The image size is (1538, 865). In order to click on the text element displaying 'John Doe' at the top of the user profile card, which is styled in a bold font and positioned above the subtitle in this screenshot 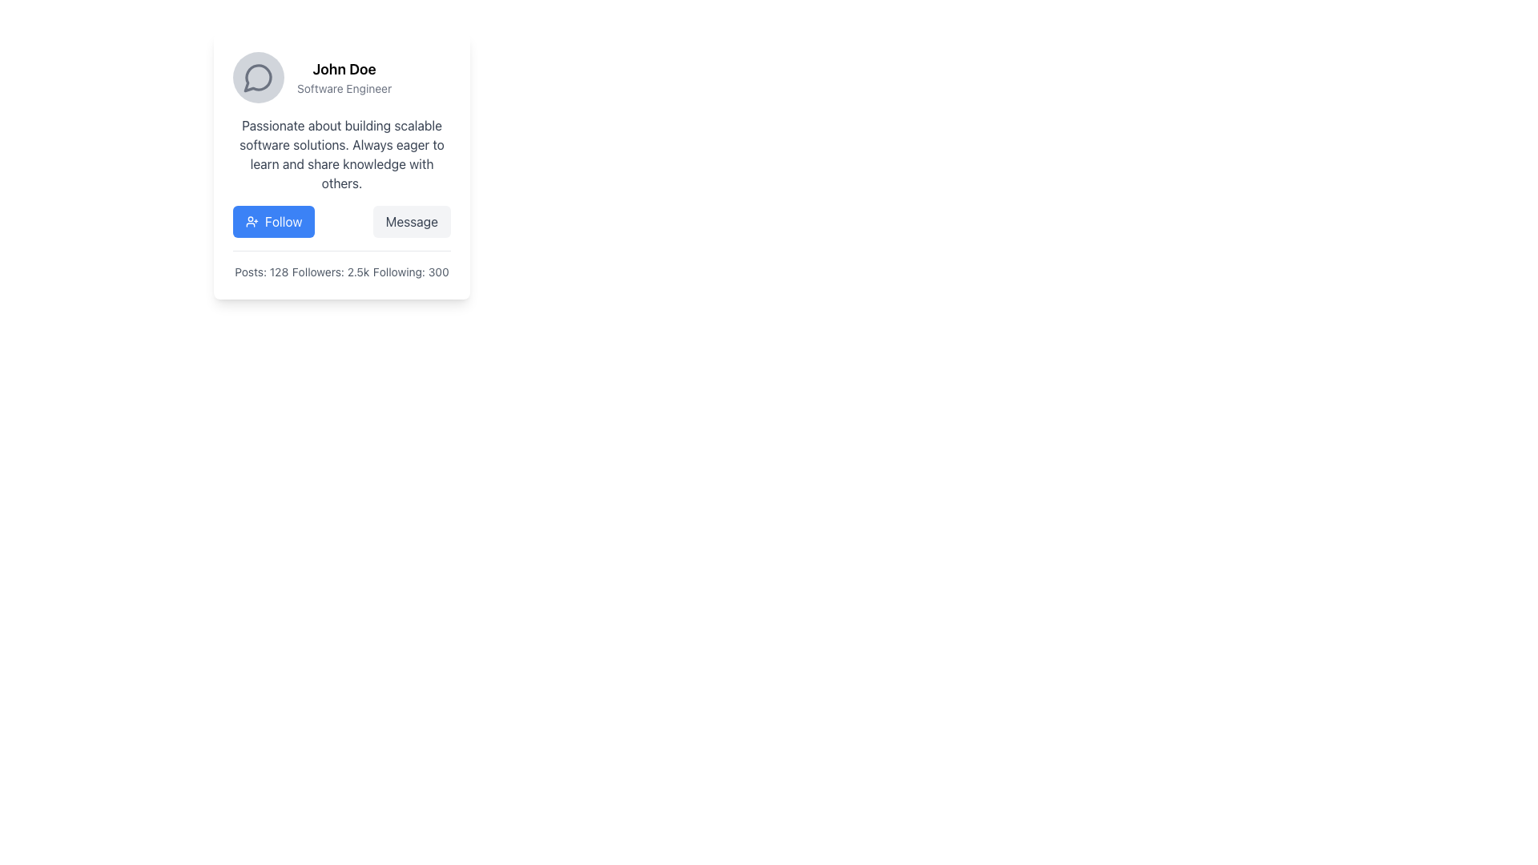, I will do `click(344, 69)`.